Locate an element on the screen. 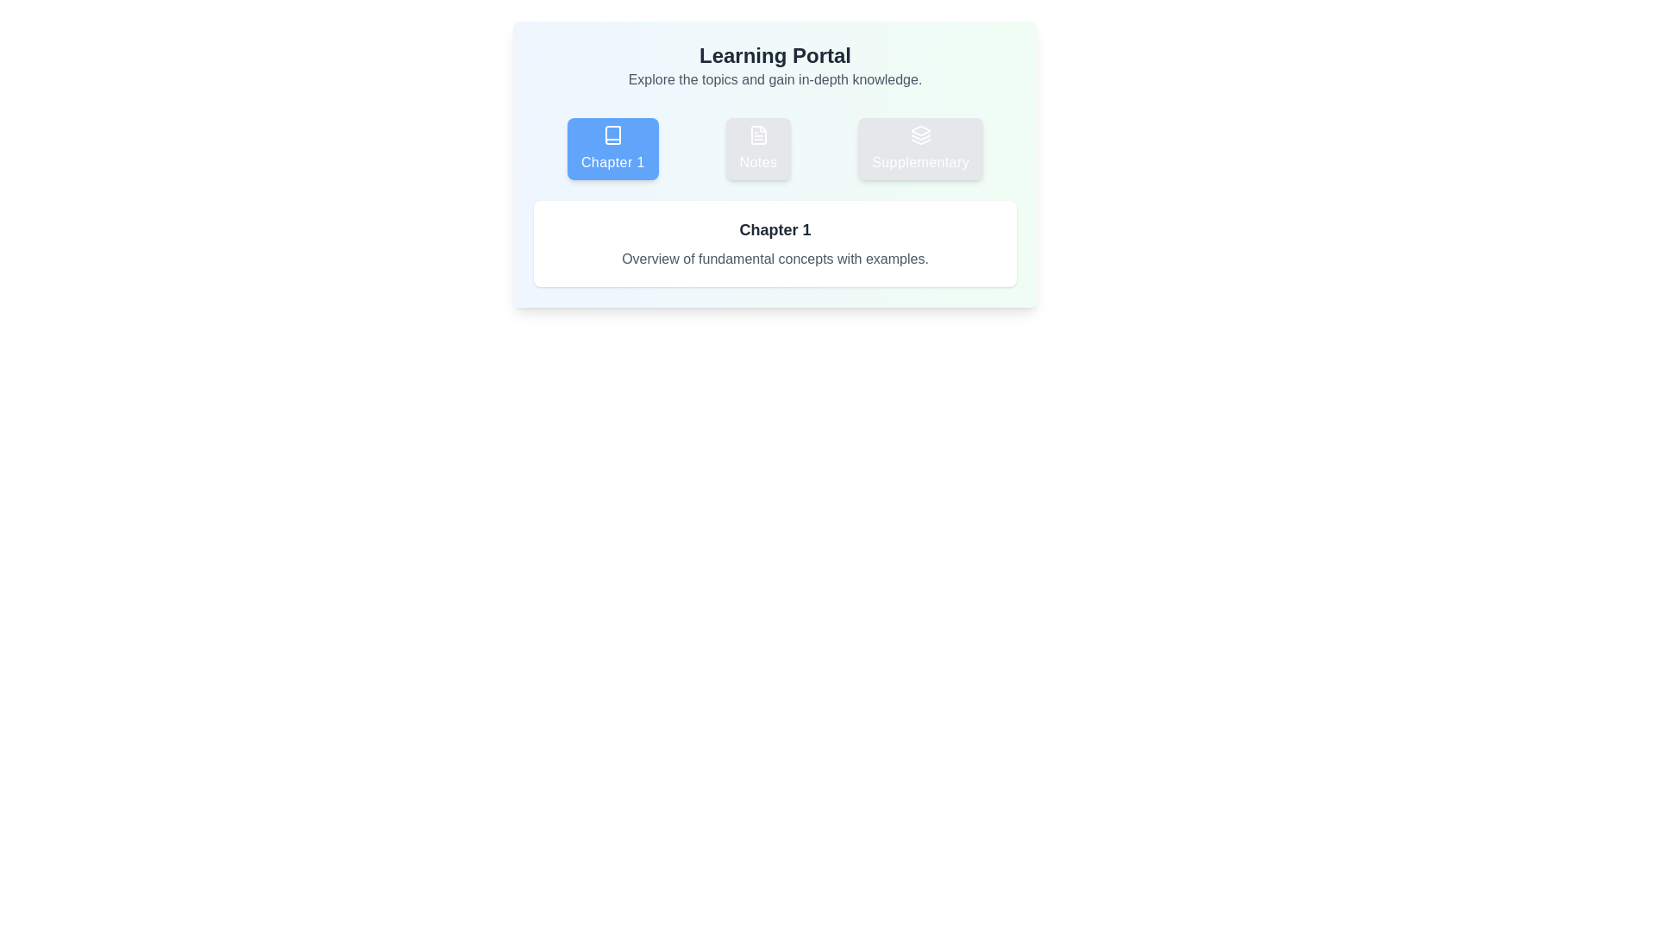 This screenshot has height=931, width=1656. text that states 'Overview of fundamental concepts with examples.' which is styled in a subtle gray color and positioned below 'Chapter 1' is located at coordinates (774, 259).